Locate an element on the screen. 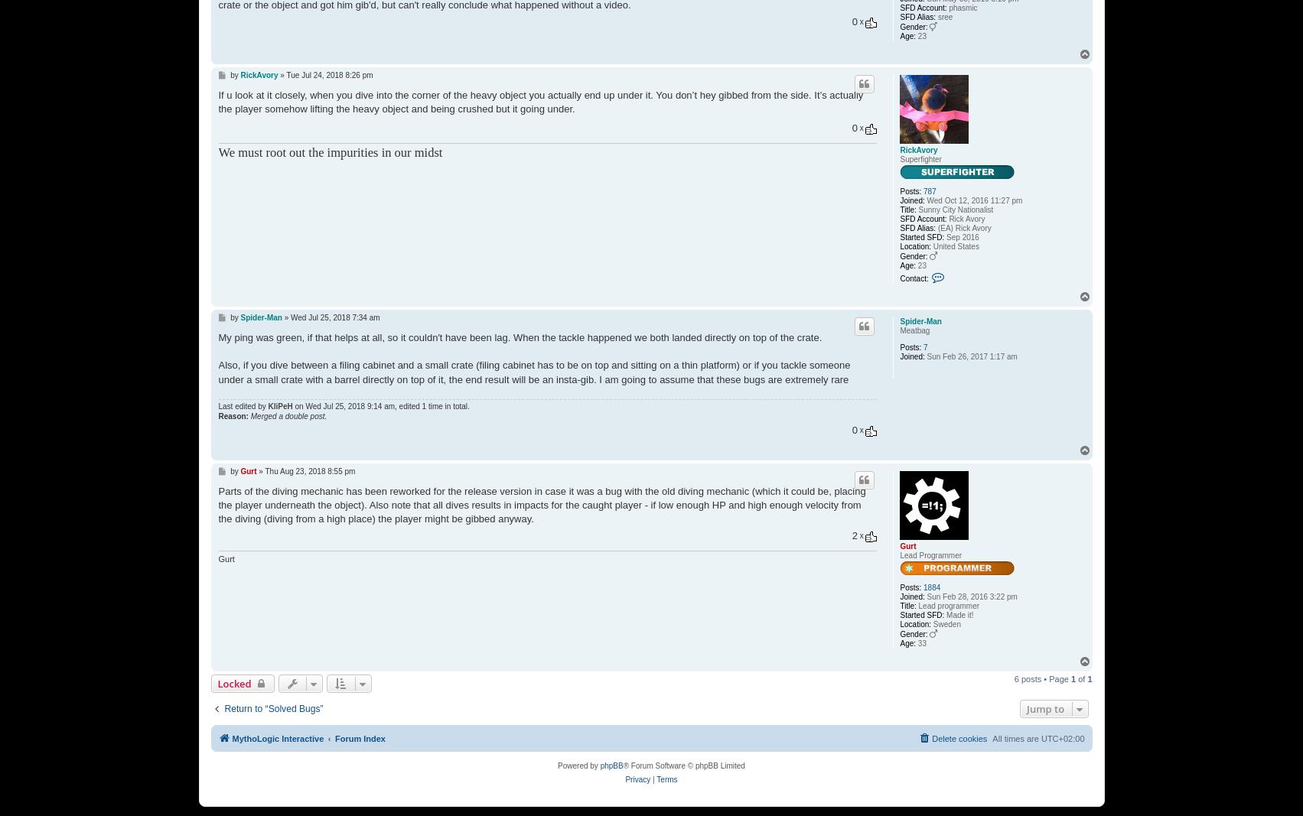  '2' is located at coordinates (854, 535).